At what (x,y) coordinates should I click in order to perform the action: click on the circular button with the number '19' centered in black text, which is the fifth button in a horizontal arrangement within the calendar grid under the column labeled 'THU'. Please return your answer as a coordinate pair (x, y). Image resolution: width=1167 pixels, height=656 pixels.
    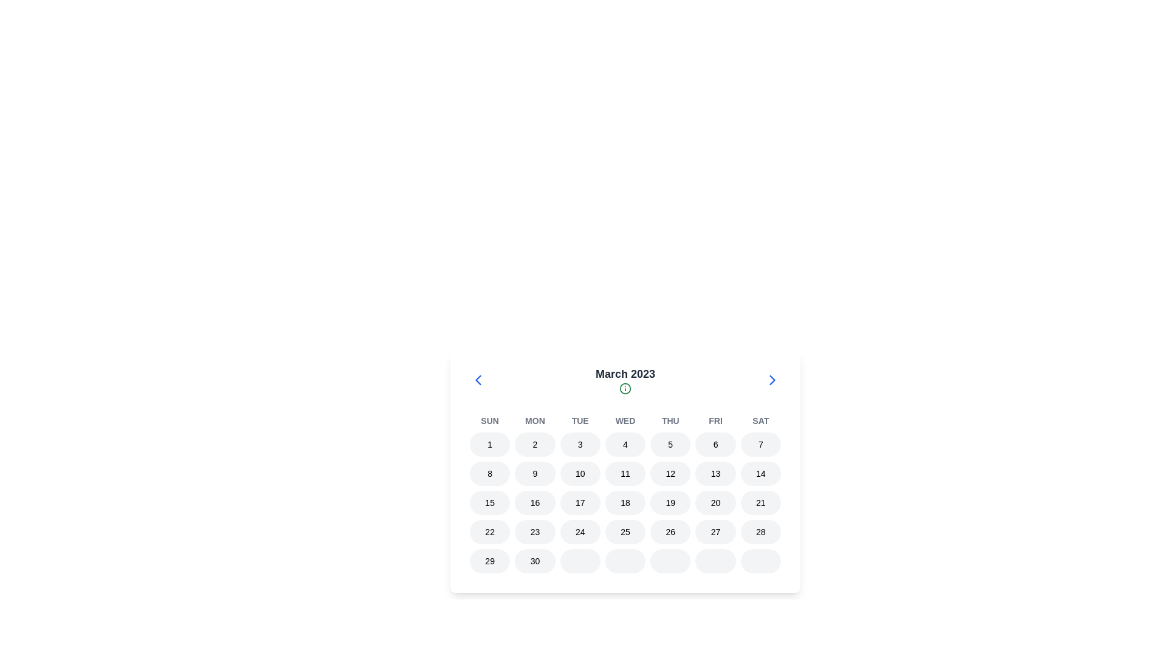
    Looking at the image, I should click on (670, 503).